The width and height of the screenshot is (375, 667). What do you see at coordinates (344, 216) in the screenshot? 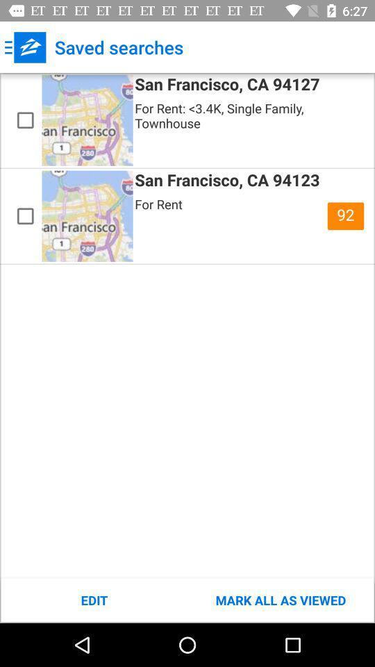
I see `icon next to the san francisco ca` at bounding box center [344, 216].